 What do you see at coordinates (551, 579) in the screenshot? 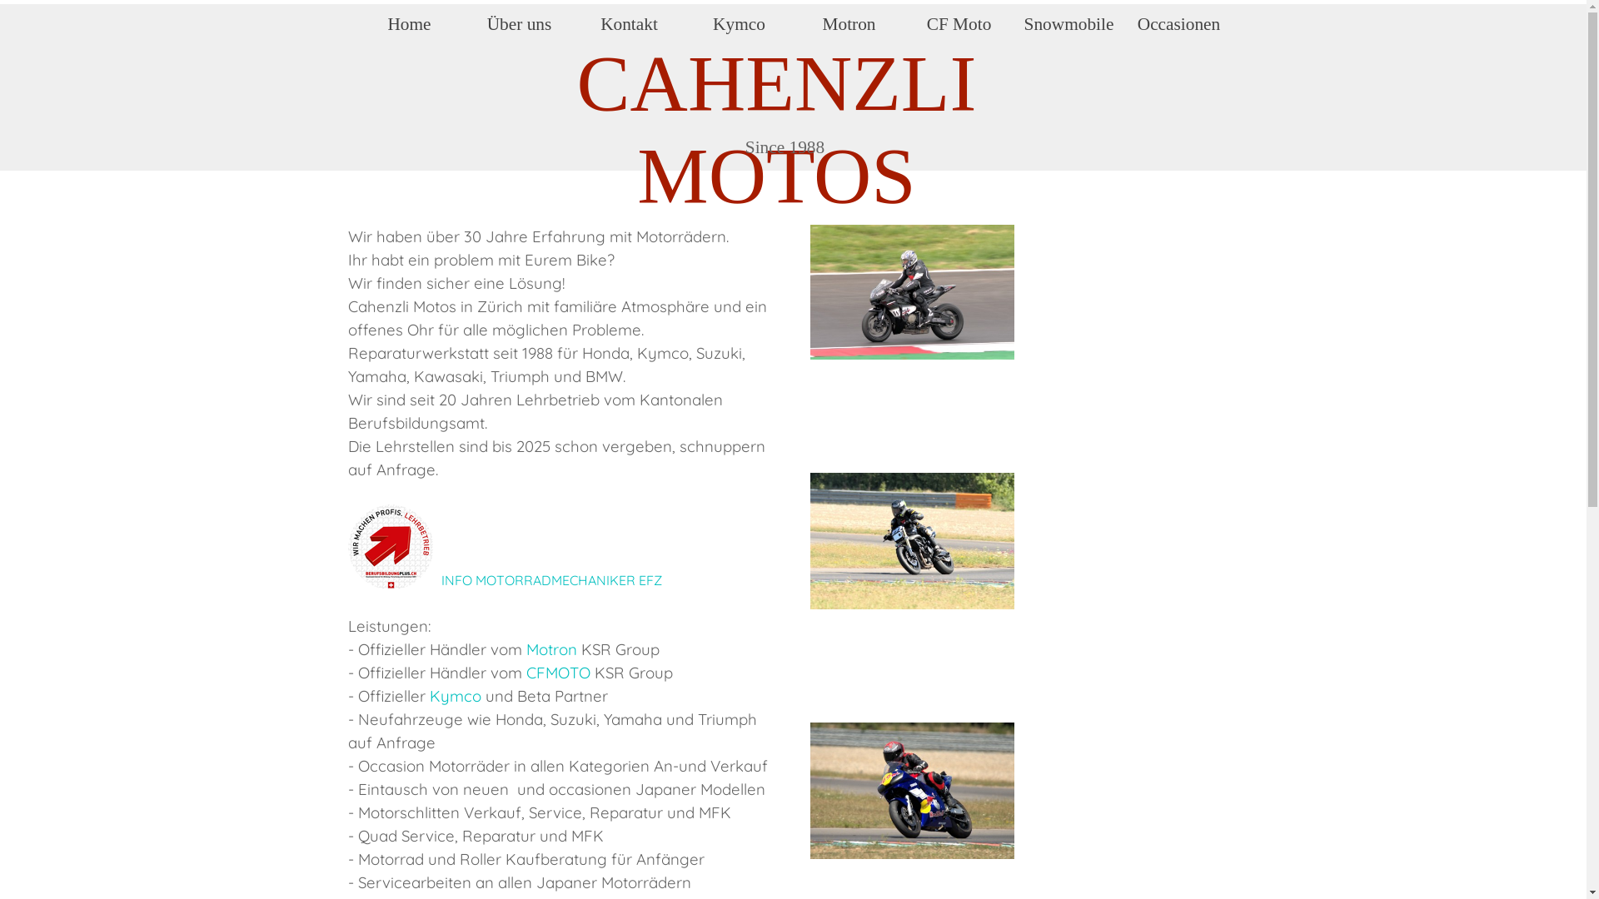
I see `'INFO MOTORRADMECHANIKER EFZ'` at bounding box center [551, 579].